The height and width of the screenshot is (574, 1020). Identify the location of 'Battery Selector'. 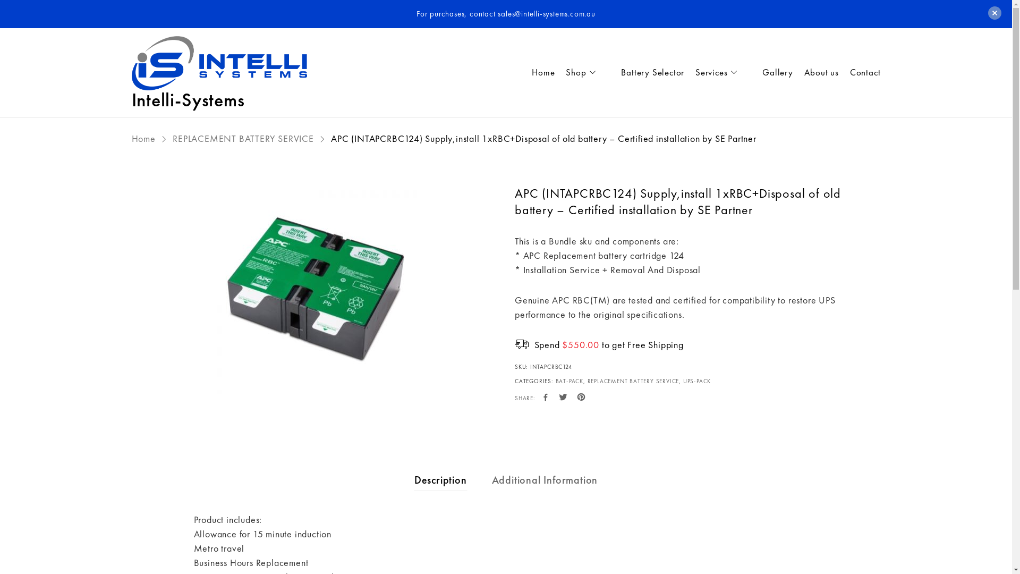
(610, 72).